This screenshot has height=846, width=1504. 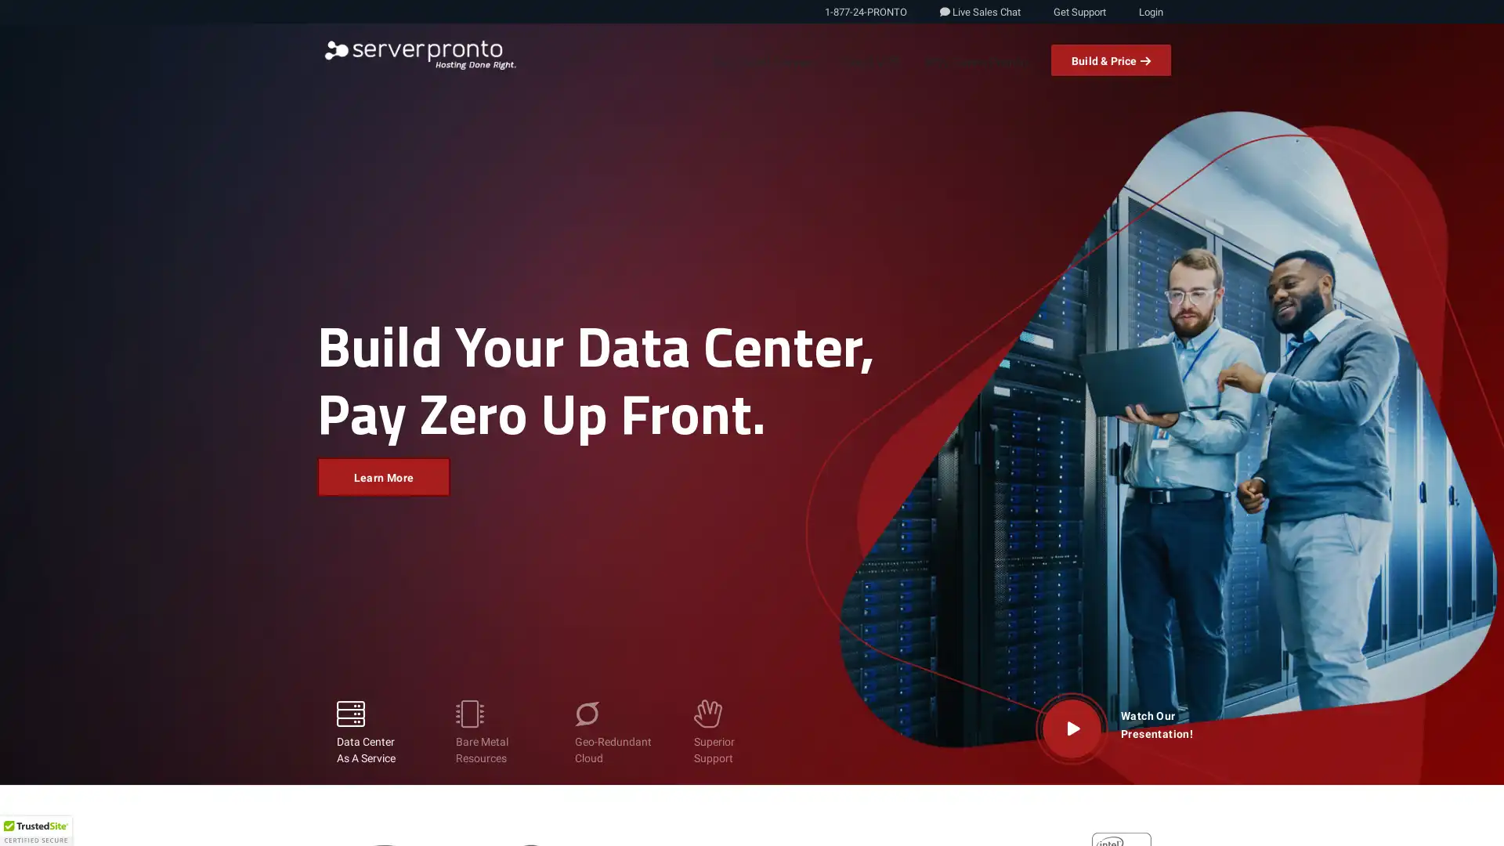 What do you see at coordinates (376, 733) in the screenshot?
I see `Data Center As A Service` at bounding box center [376, 733].